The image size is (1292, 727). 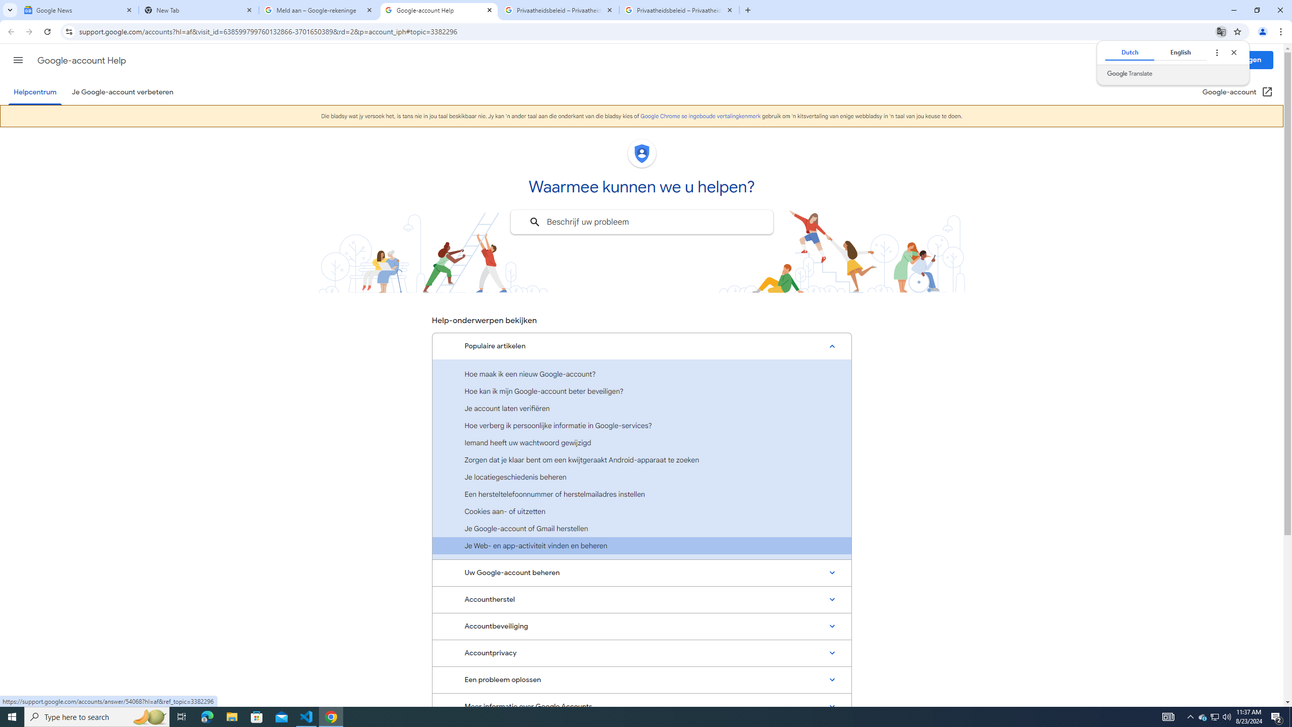 What do you see at coordinates (641, 476) in the screenshot?
I see `'Je locatiegeschiedenis beheren'` at bounding box center [641, 476].